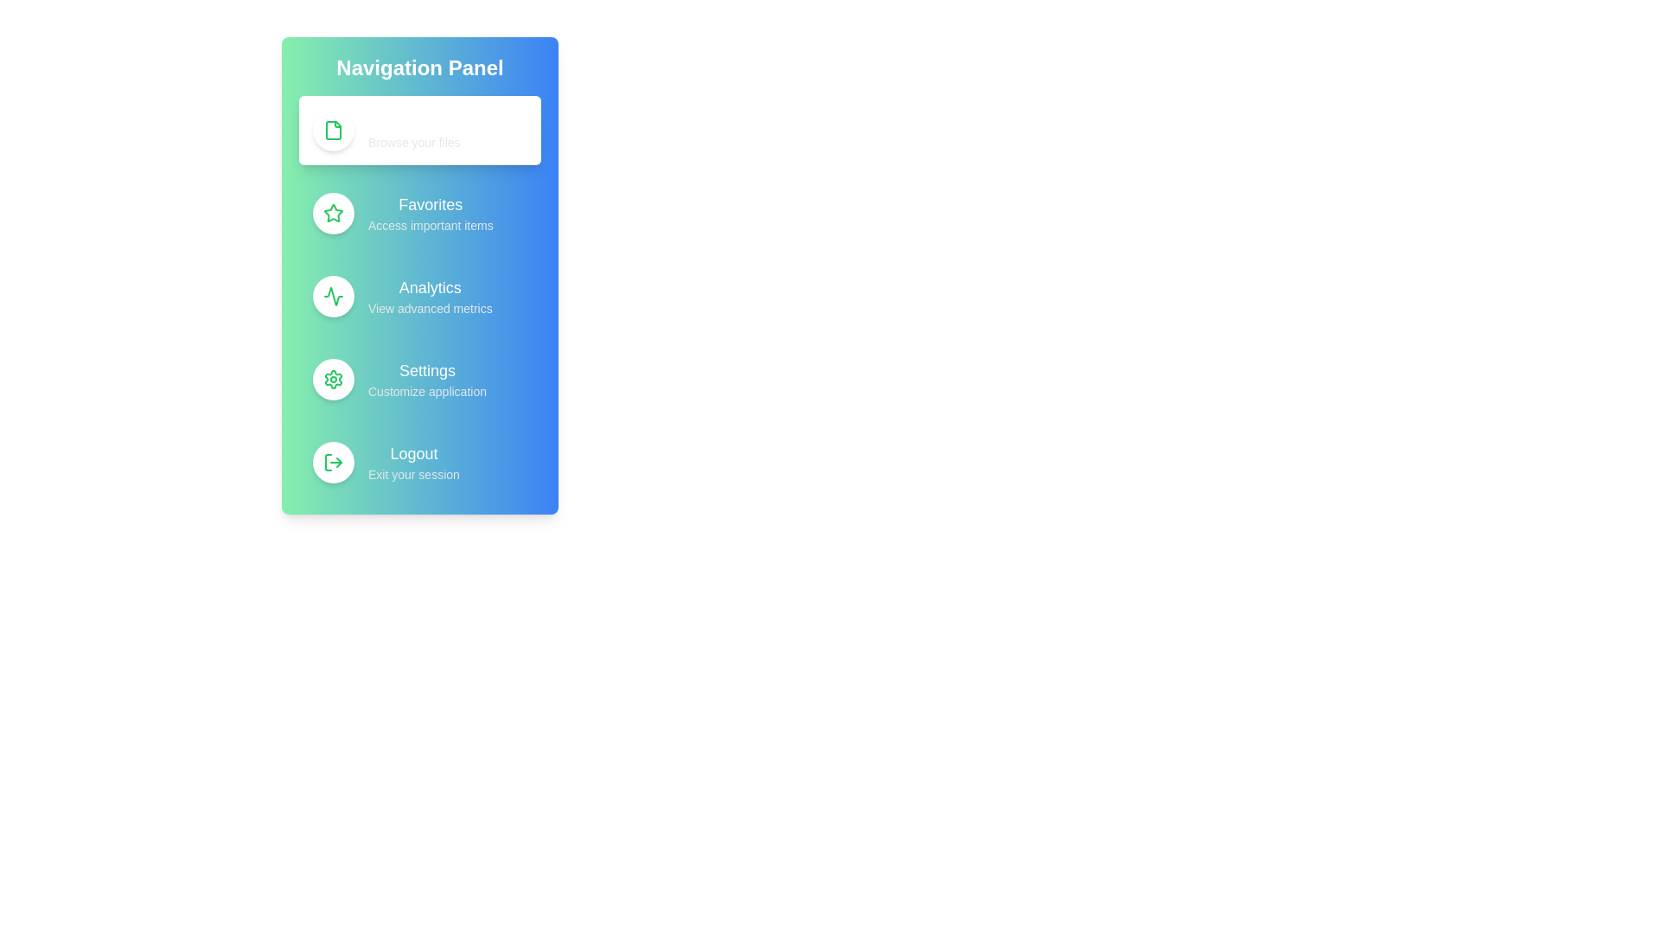 This screenshot has width=1660, height=934. What do you see at coordinates (419, 129) in the screenshot?
I see `the menu option Documents from the navigation menu` at bounding box center [419, 129].